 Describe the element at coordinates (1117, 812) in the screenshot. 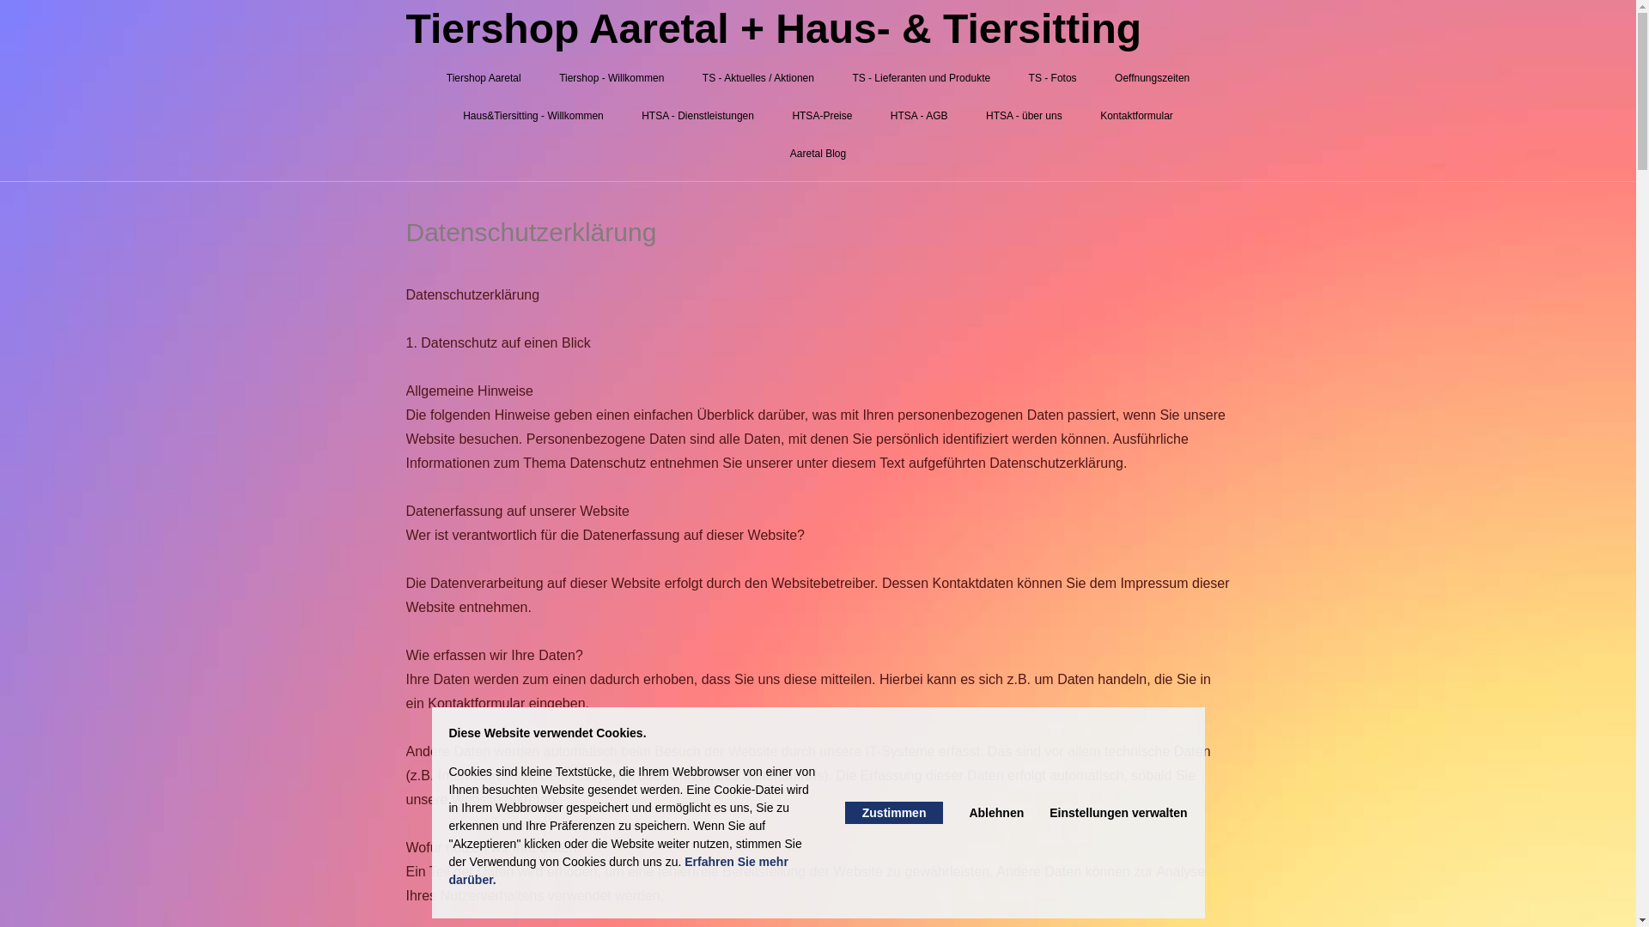

I see `'Einstellungen verwalten'` at that location.